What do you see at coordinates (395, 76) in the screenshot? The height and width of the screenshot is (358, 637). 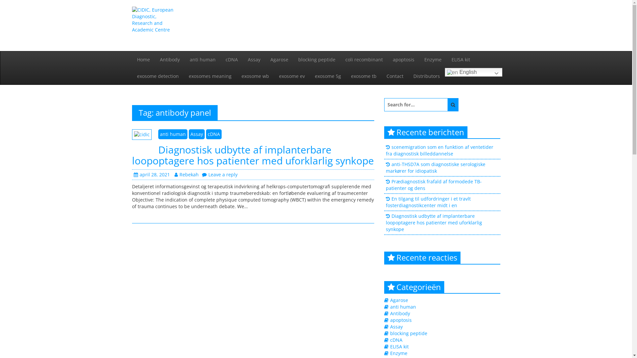 I see `'Contact'` at bounding box center [395, 76].